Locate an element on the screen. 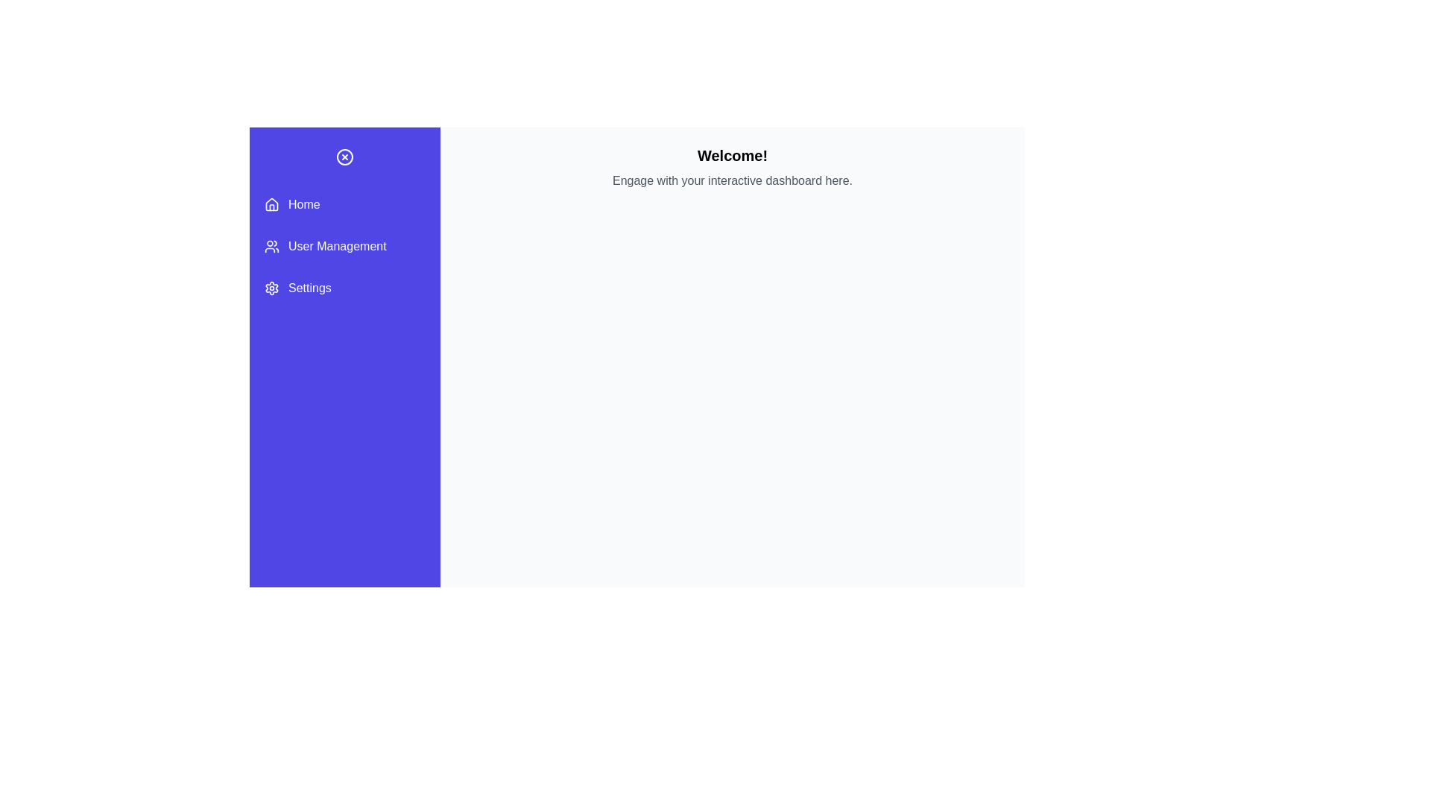 The image size is (1431, 805). the main content text to interact with it is located at coordinates (733, 180).